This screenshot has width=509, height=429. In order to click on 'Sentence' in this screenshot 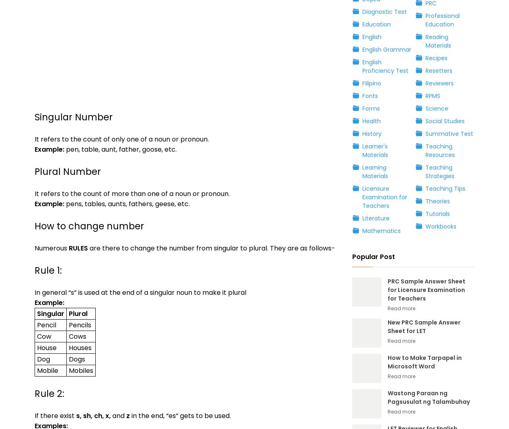, I will do `click(48, 211)`.